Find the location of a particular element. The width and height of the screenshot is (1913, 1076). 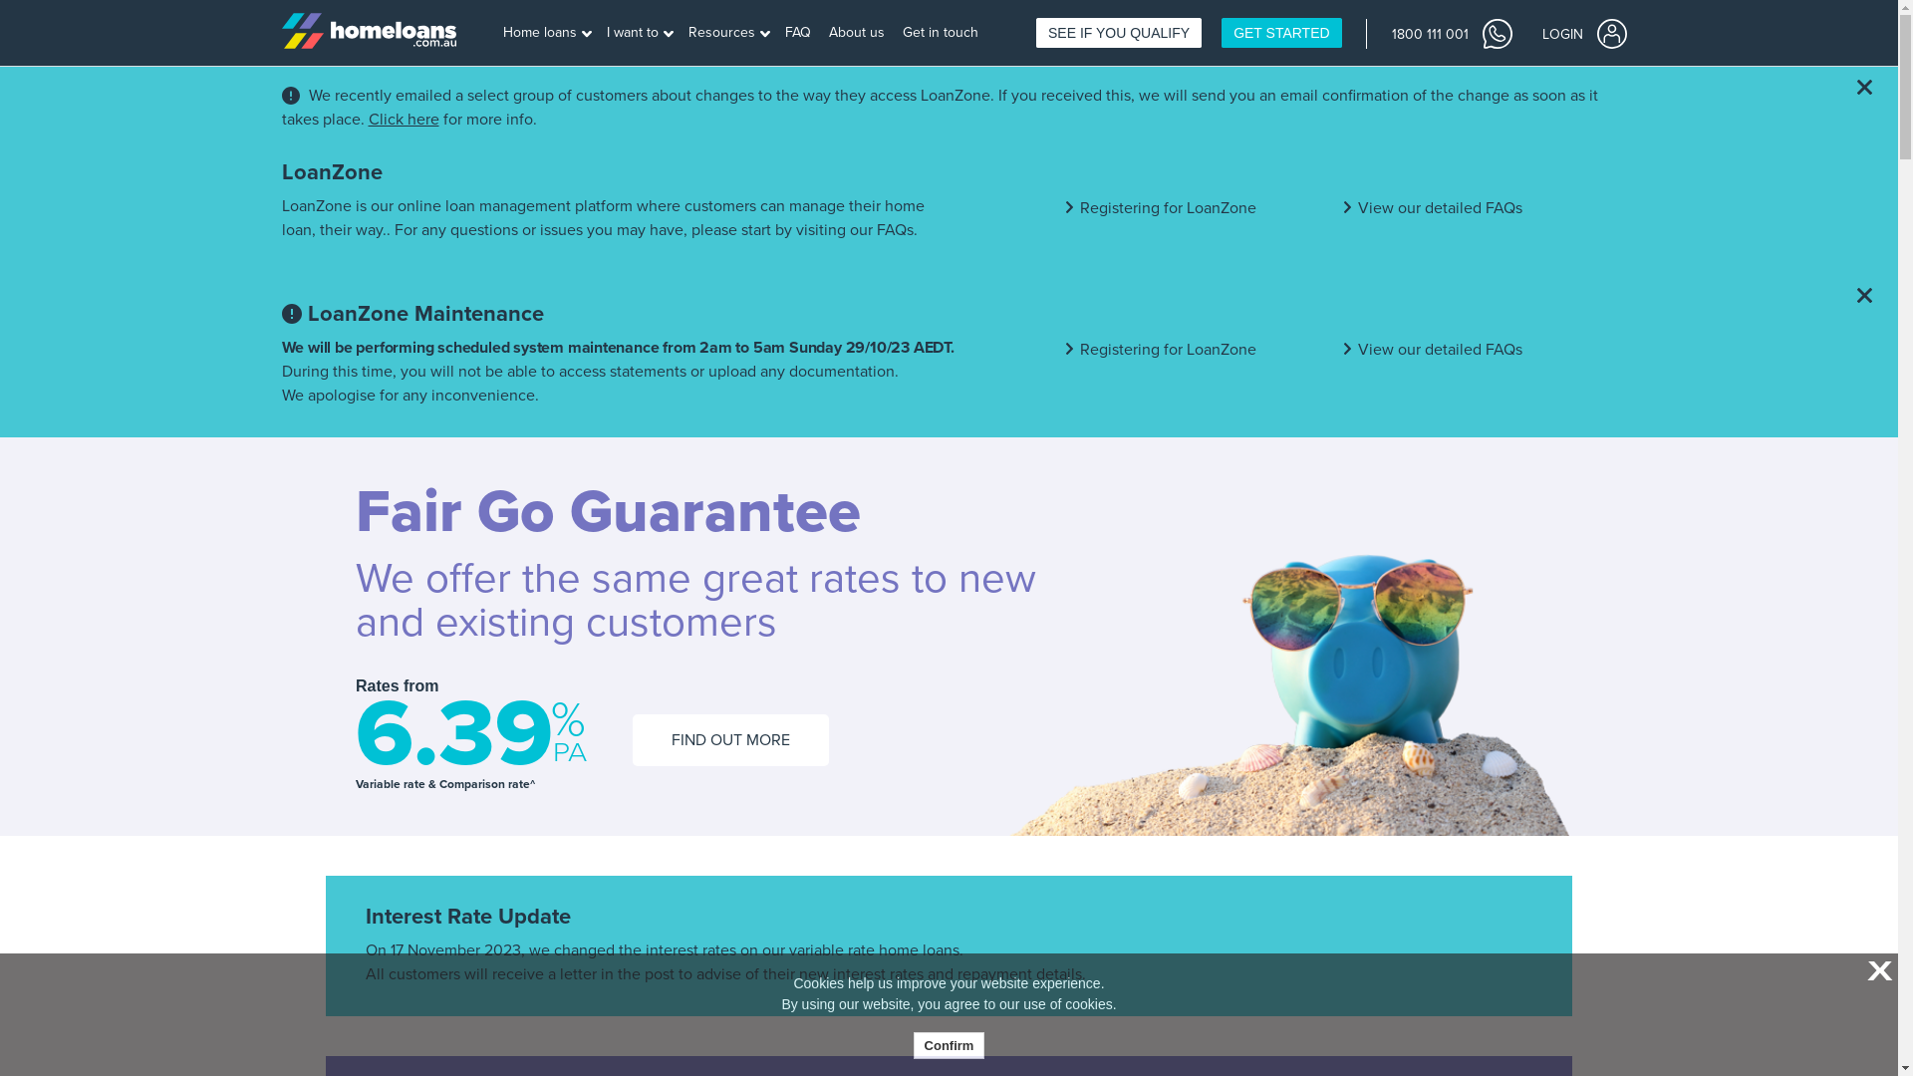

'About us' is located at coordinates (828, 33).